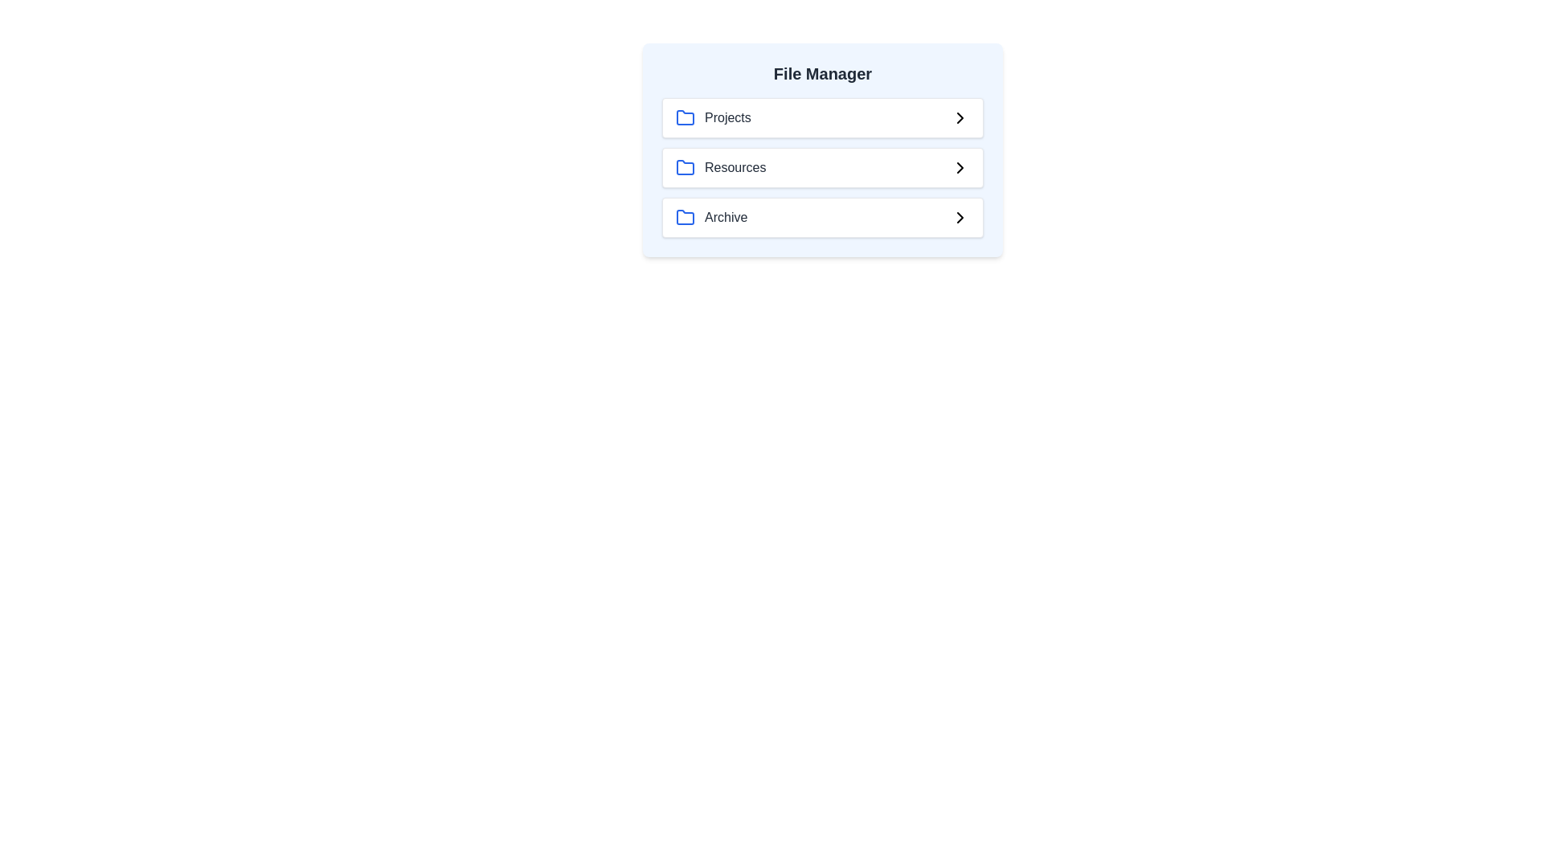  Describe the element at coordinates (822, 167) in the screenshot. I see `the 'Resources' button-like list item located in the 'File Manager' interface` at that location.